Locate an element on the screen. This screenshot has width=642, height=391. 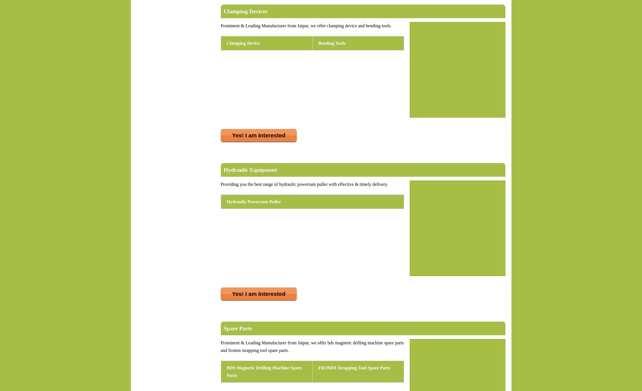
'Clamping Device' is located at coordinates (243, 43).